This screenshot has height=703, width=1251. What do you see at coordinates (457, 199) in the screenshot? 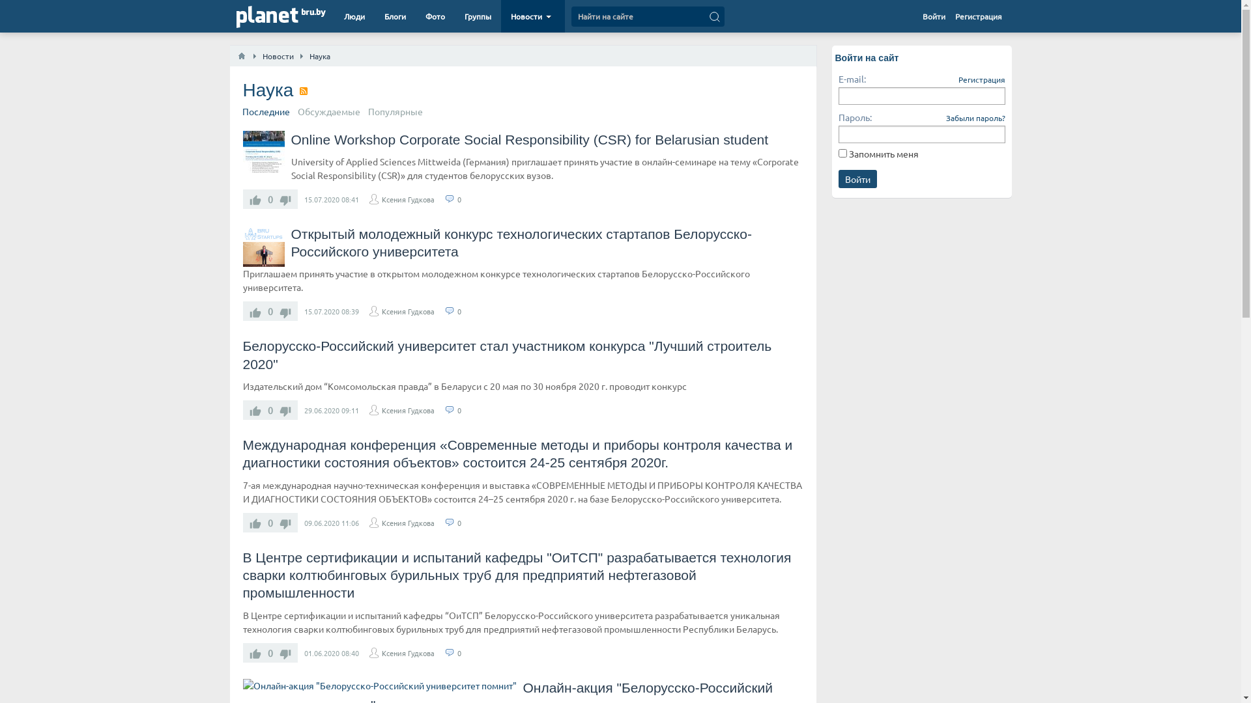
I see `'0'` at bounding box center [457, 199].